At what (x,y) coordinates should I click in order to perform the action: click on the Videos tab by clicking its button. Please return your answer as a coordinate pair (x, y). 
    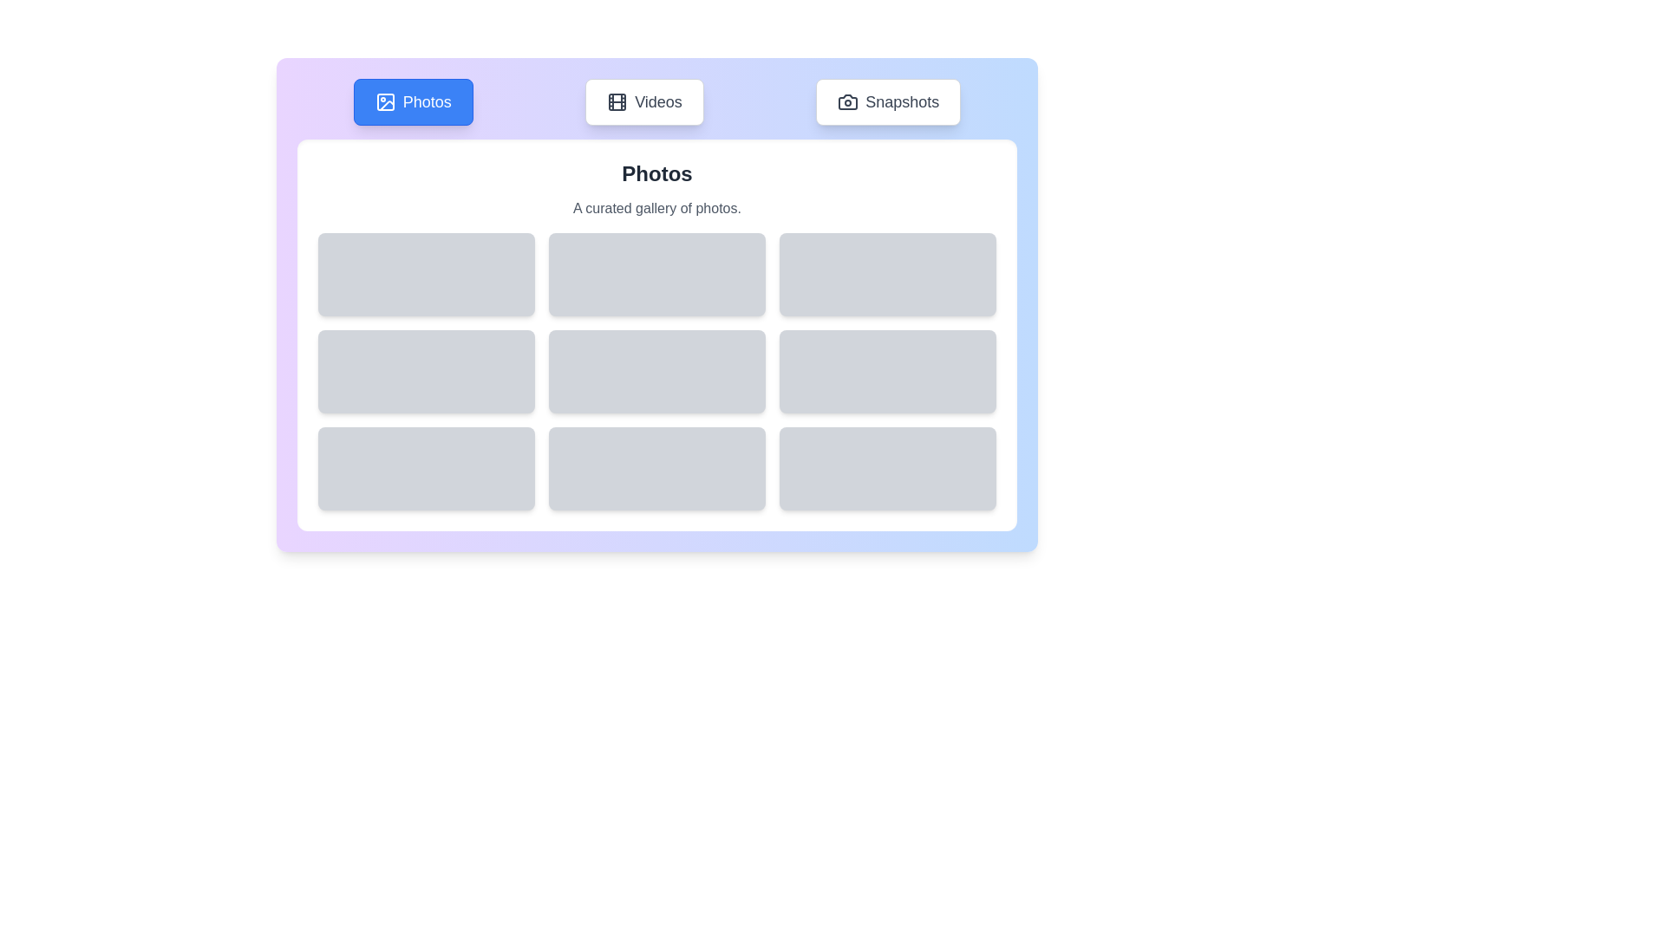
    Looking at the image, I should click on (643, 102).